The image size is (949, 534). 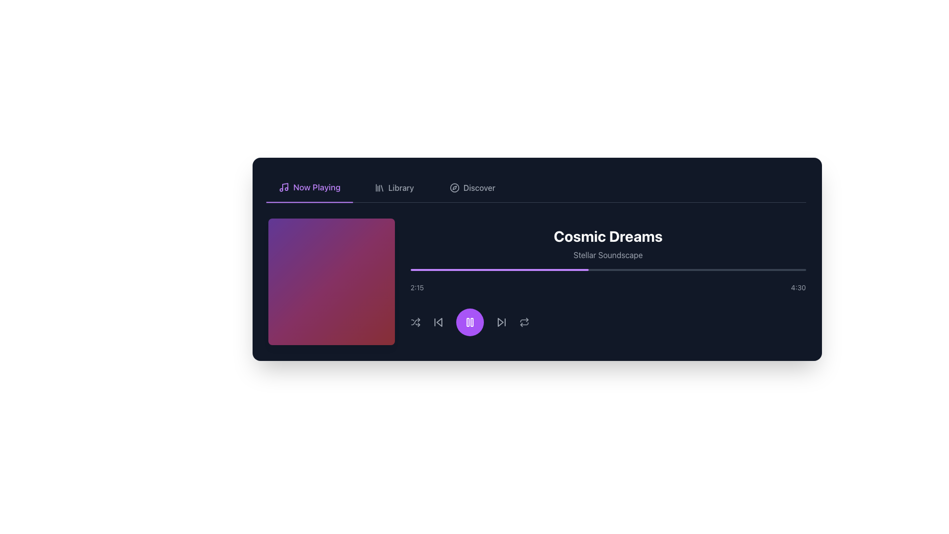 What do you see at coordinates (454, 188) in the screenshot?
I see `the compass icon located within the 'Discover' section` at bounding box center [454, 188].